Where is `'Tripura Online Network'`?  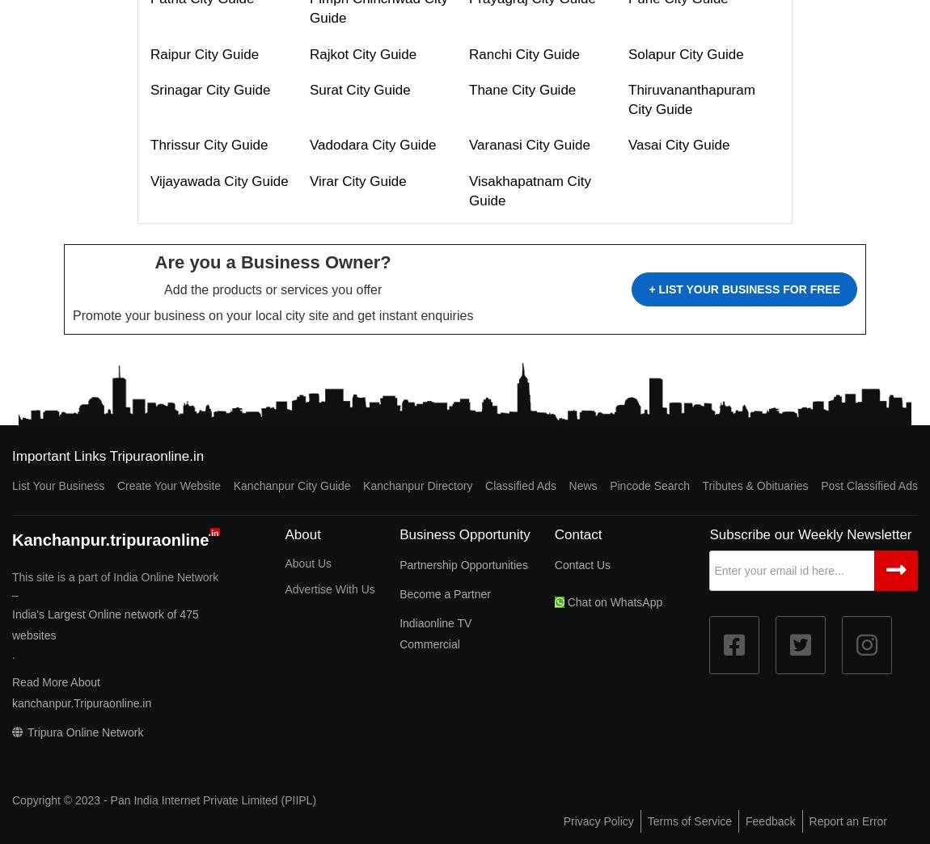 'Tripura Online Network' is located at coordinates (27, 732).